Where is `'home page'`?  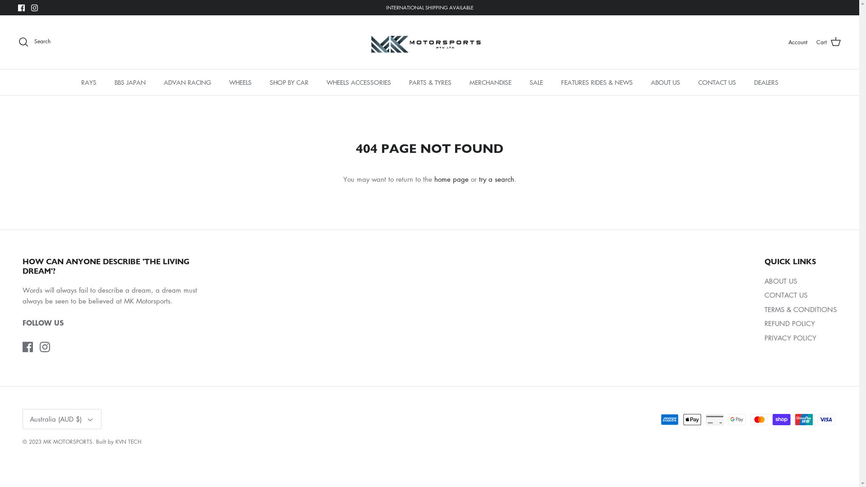
'home page' is located at coordinates (451, 179).